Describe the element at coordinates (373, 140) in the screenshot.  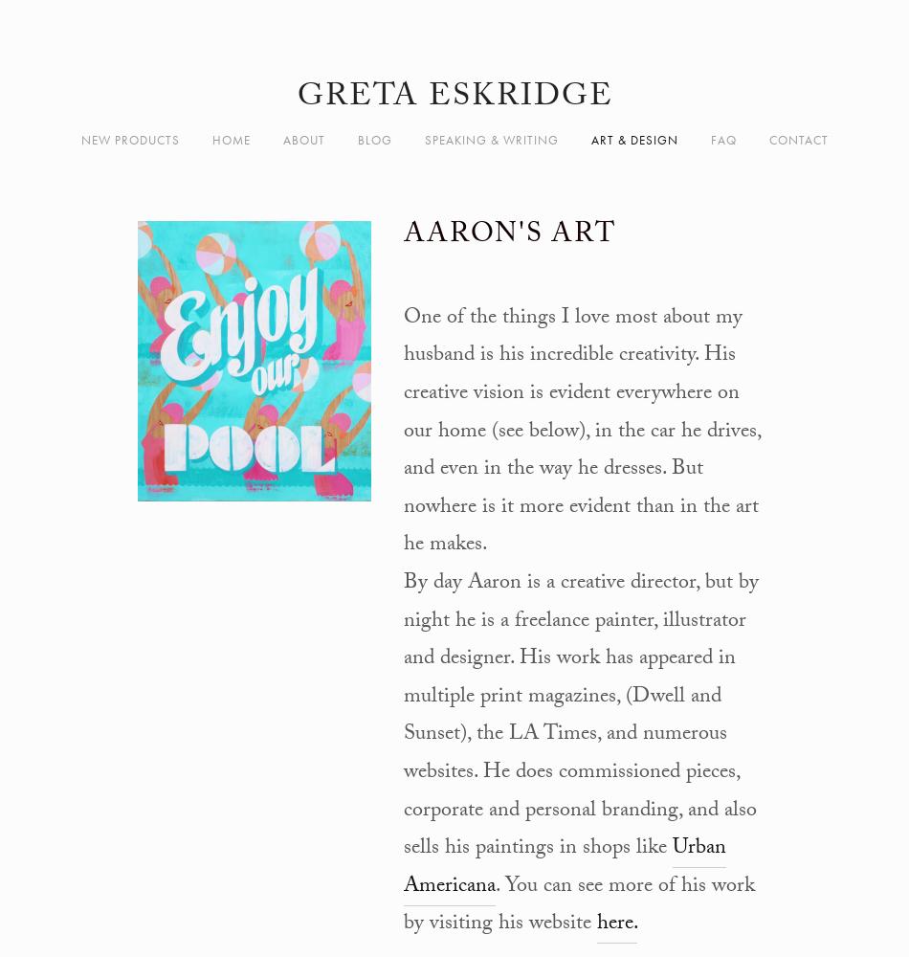
I see `'Blog'` at that location.